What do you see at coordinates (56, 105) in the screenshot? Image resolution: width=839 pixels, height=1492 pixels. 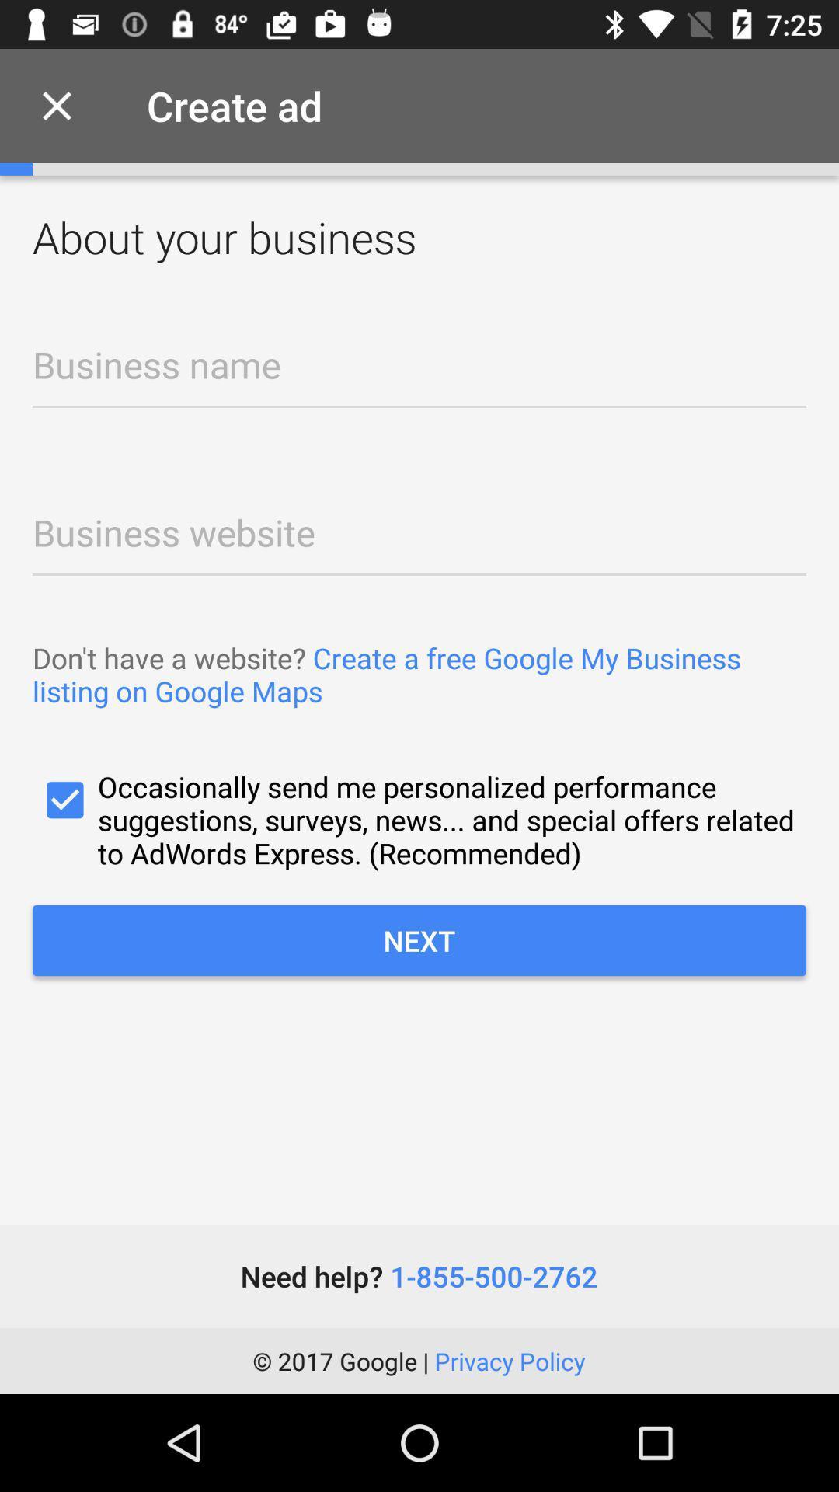 I see `item next to create ad item` at bounding box center [56, 105].